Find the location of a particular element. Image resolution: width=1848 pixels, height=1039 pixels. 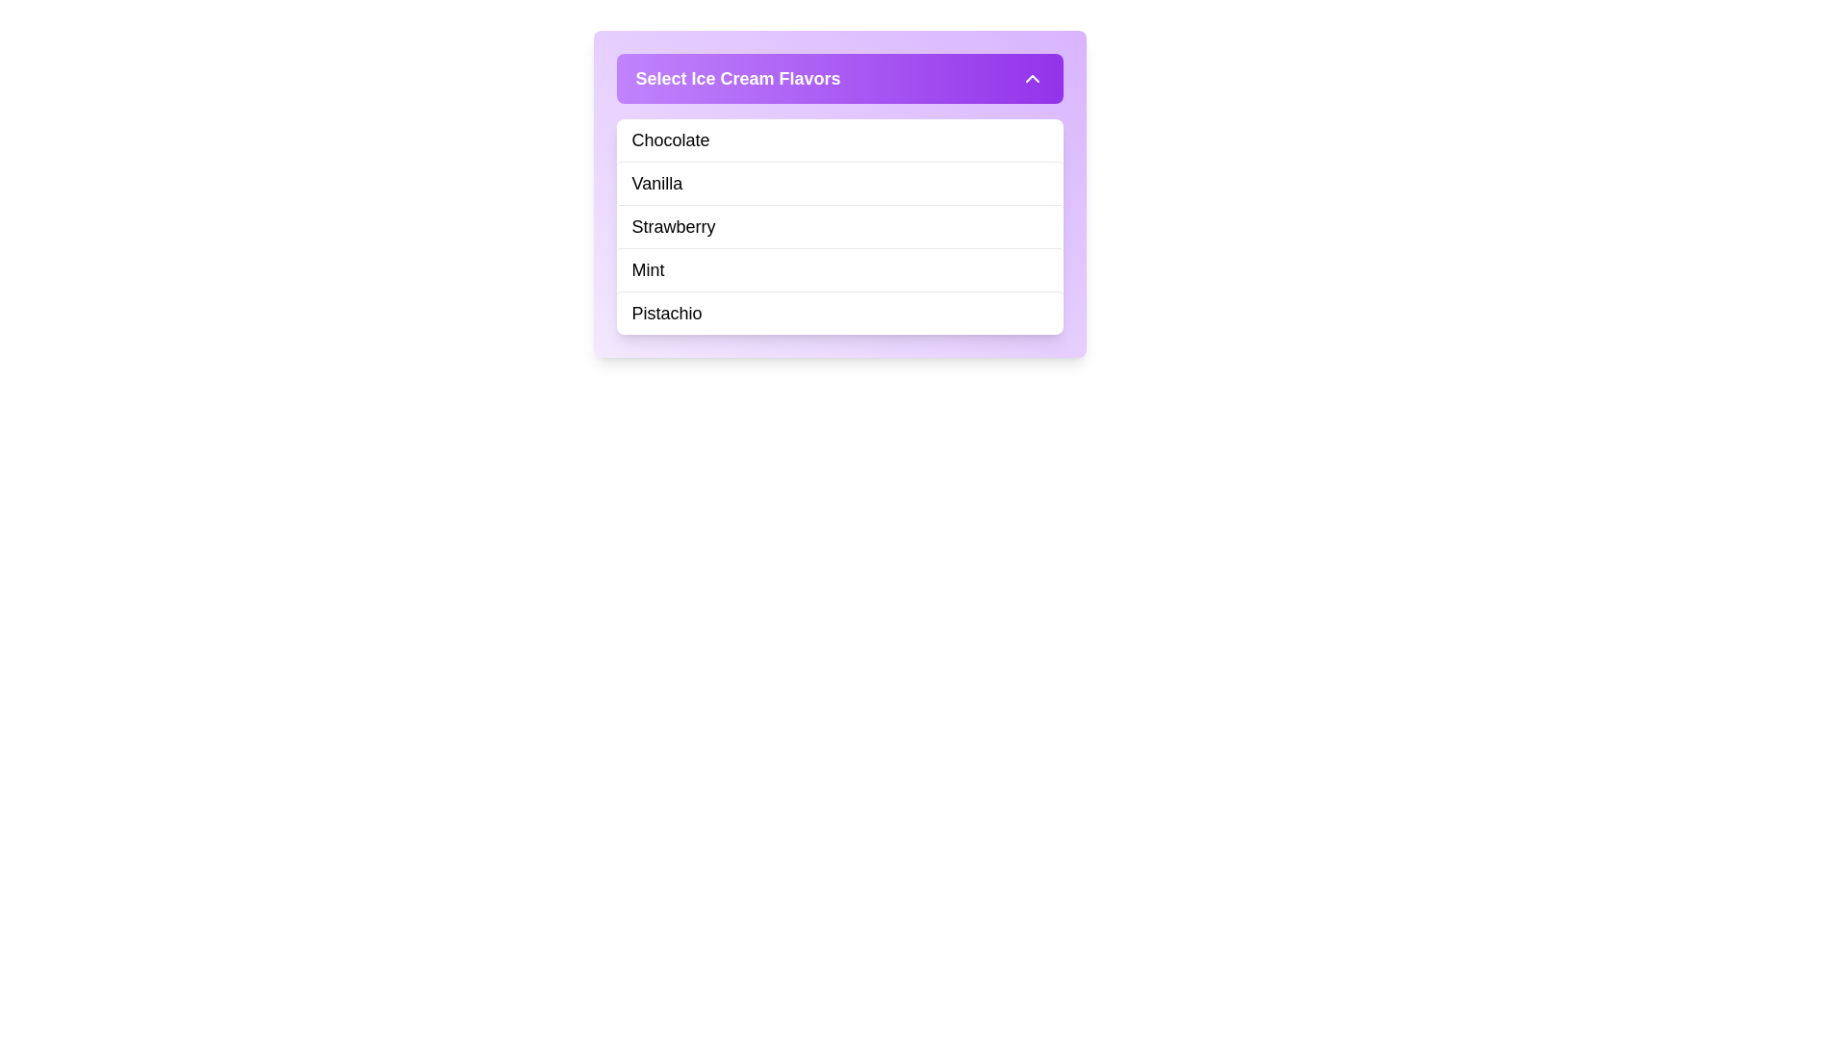

the first list item labeled 'Chocolate' in the dropdown menu titled 'Select Ice Cream Flavors' is located at coordinates (839, 139).